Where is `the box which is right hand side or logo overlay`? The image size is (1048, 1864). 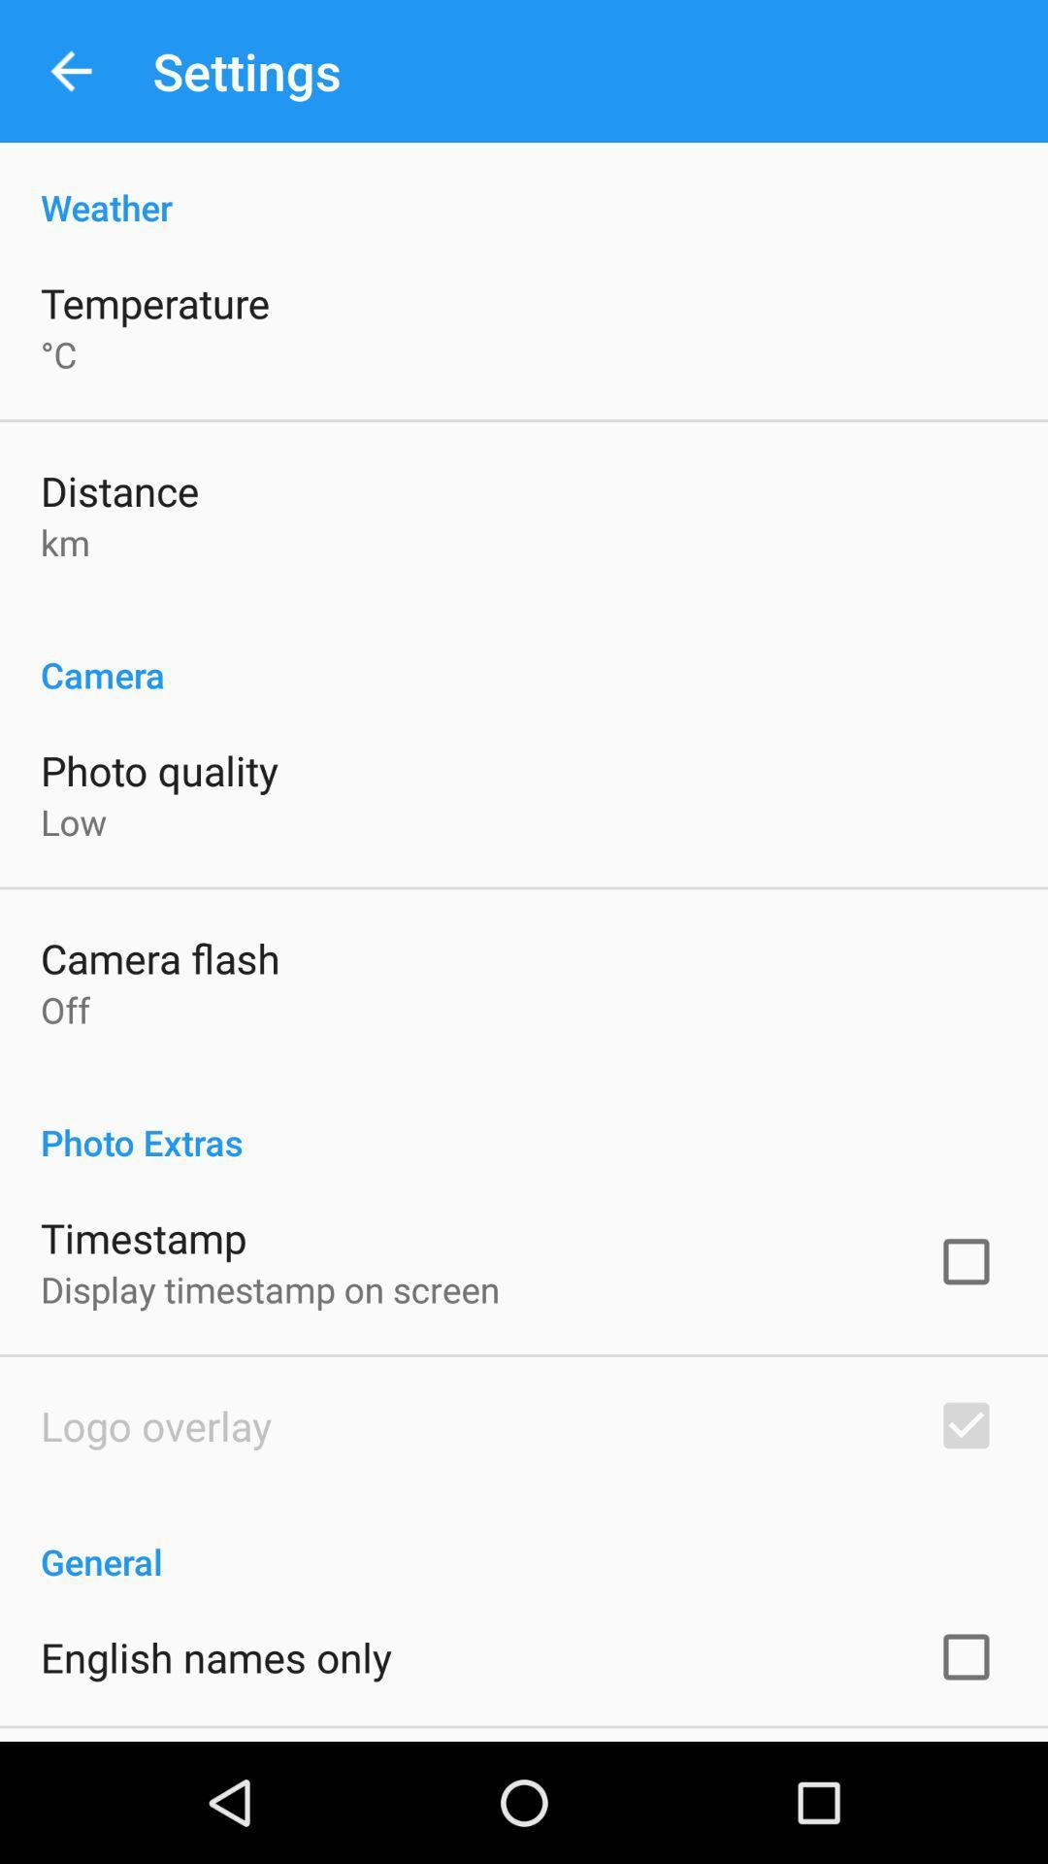
the box which is right hand side or logo overlay is located at coordinates (966, 1425).